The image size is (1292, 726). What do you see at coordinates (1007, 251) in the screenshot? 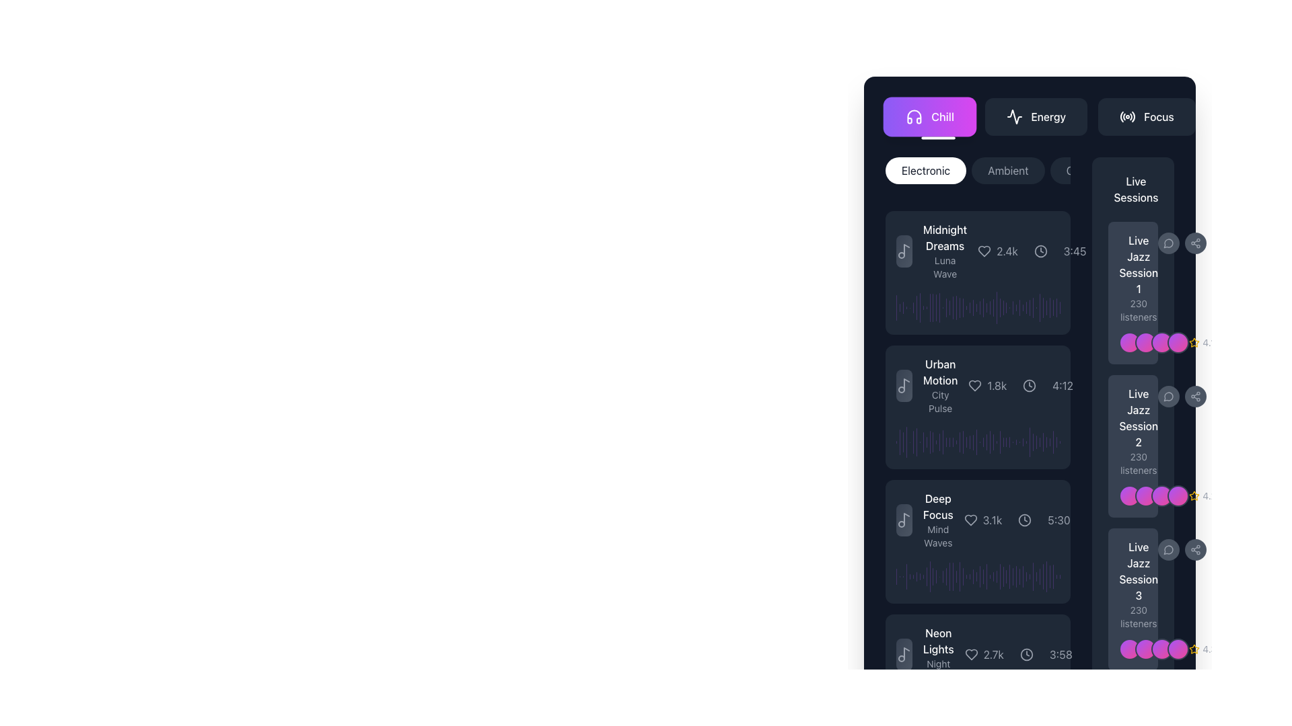
I see `numeric indicator '2.4k' displayed in white on a dark background, located at the bottom-right corner of the card for 'Midnight Dreams', to understand its value` at bounding box center [1007, 251].